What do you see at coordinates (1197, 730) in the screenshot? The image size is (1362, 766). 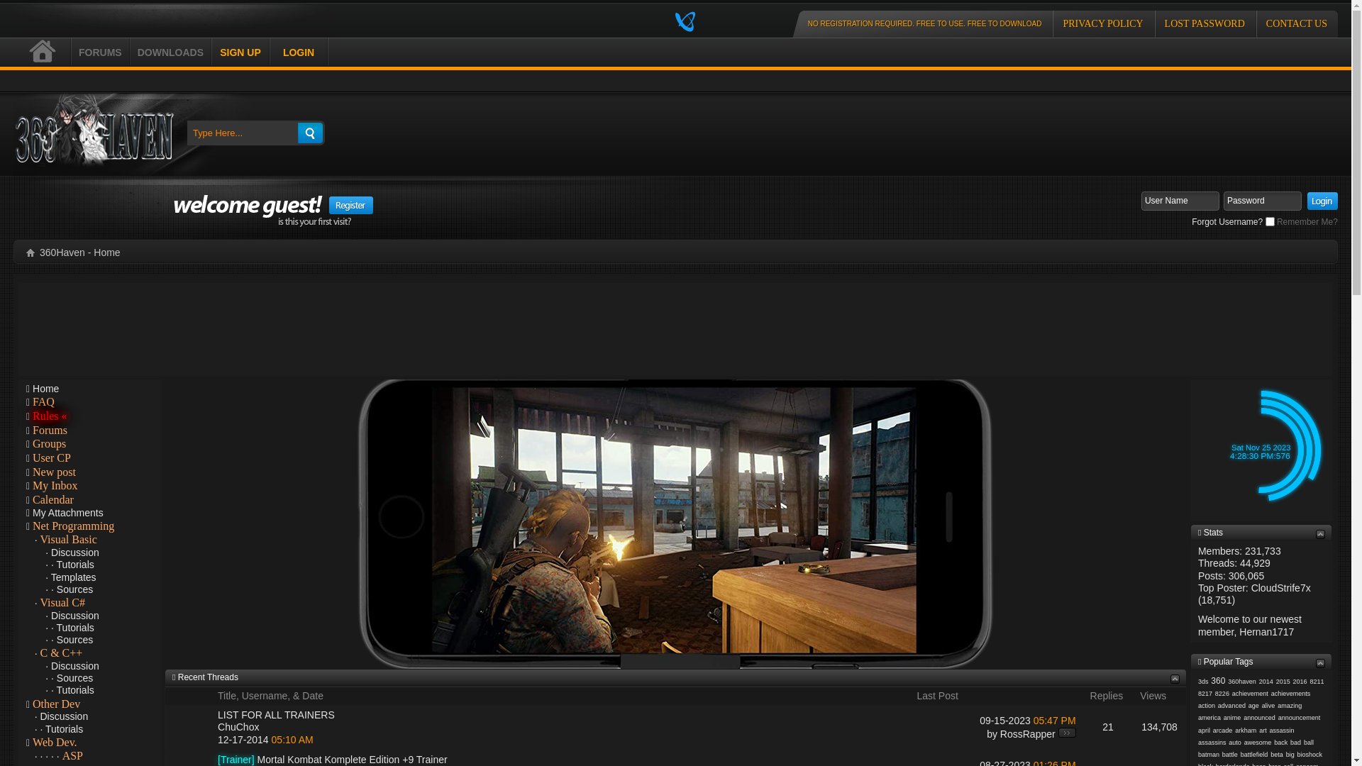 I see `'april'` at bounding box center [1197, 730].